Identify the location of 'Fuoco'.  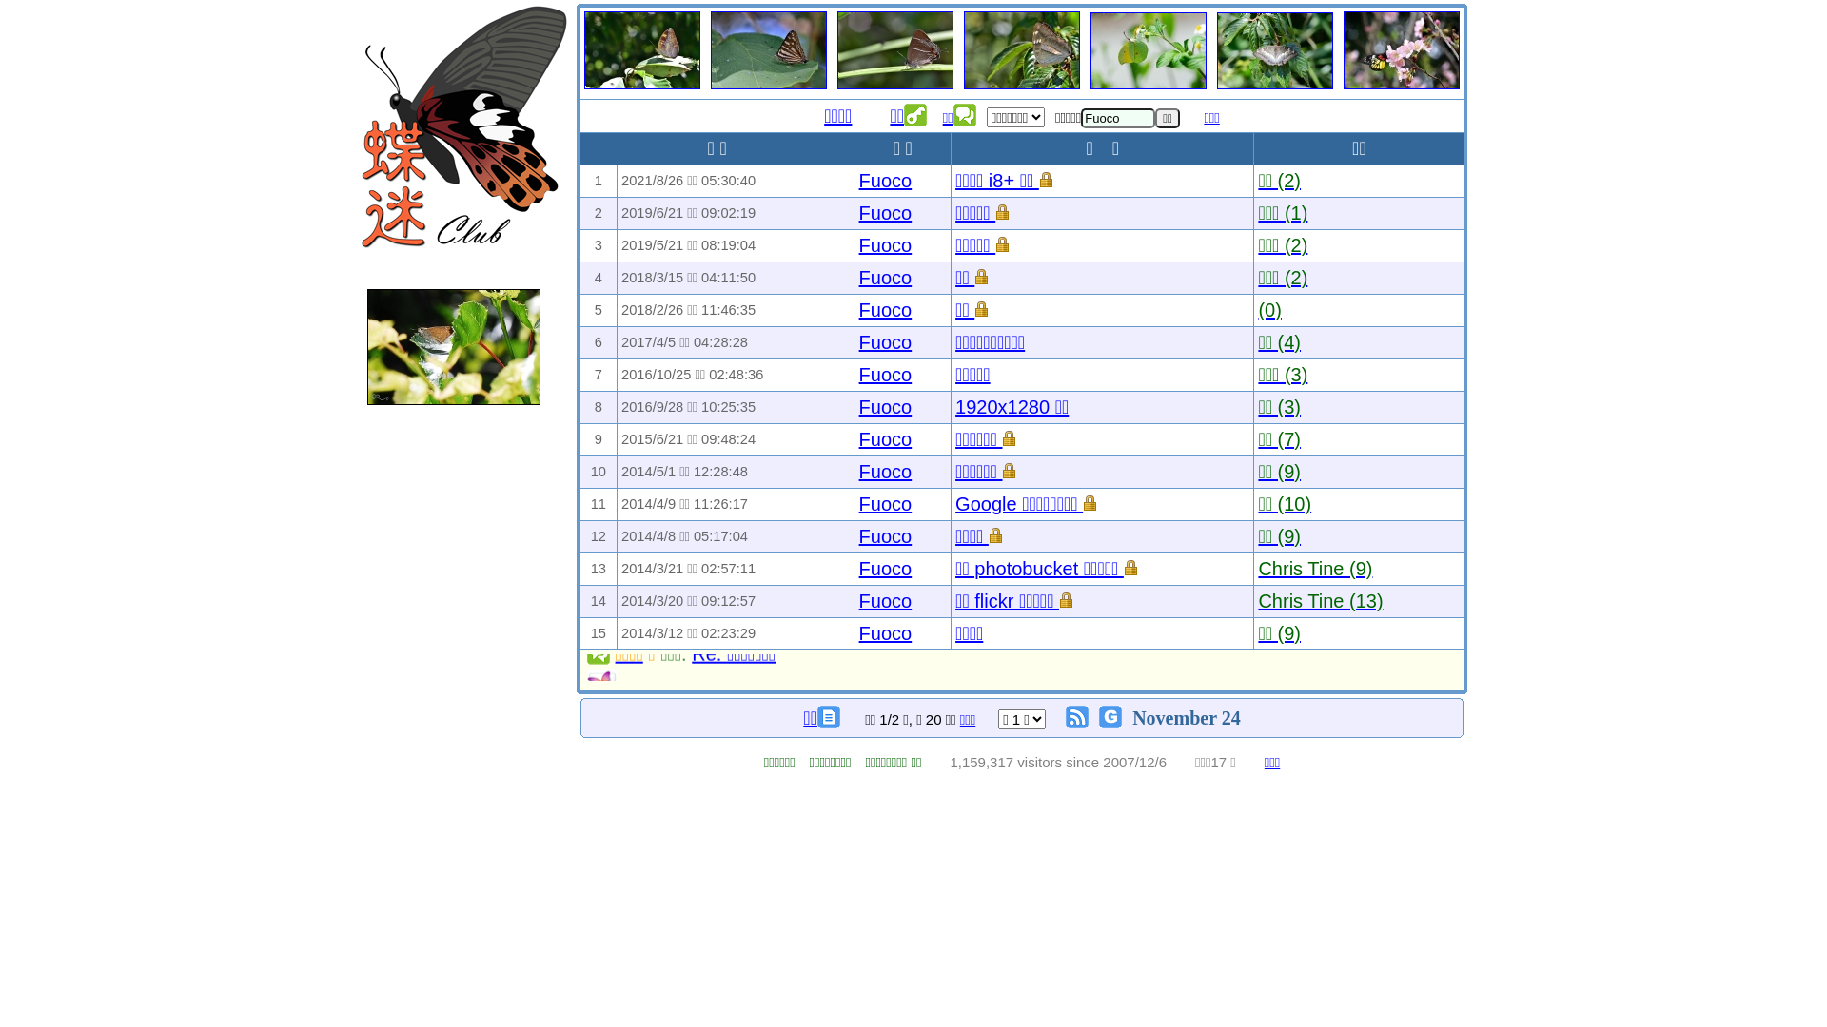
(885, 278).